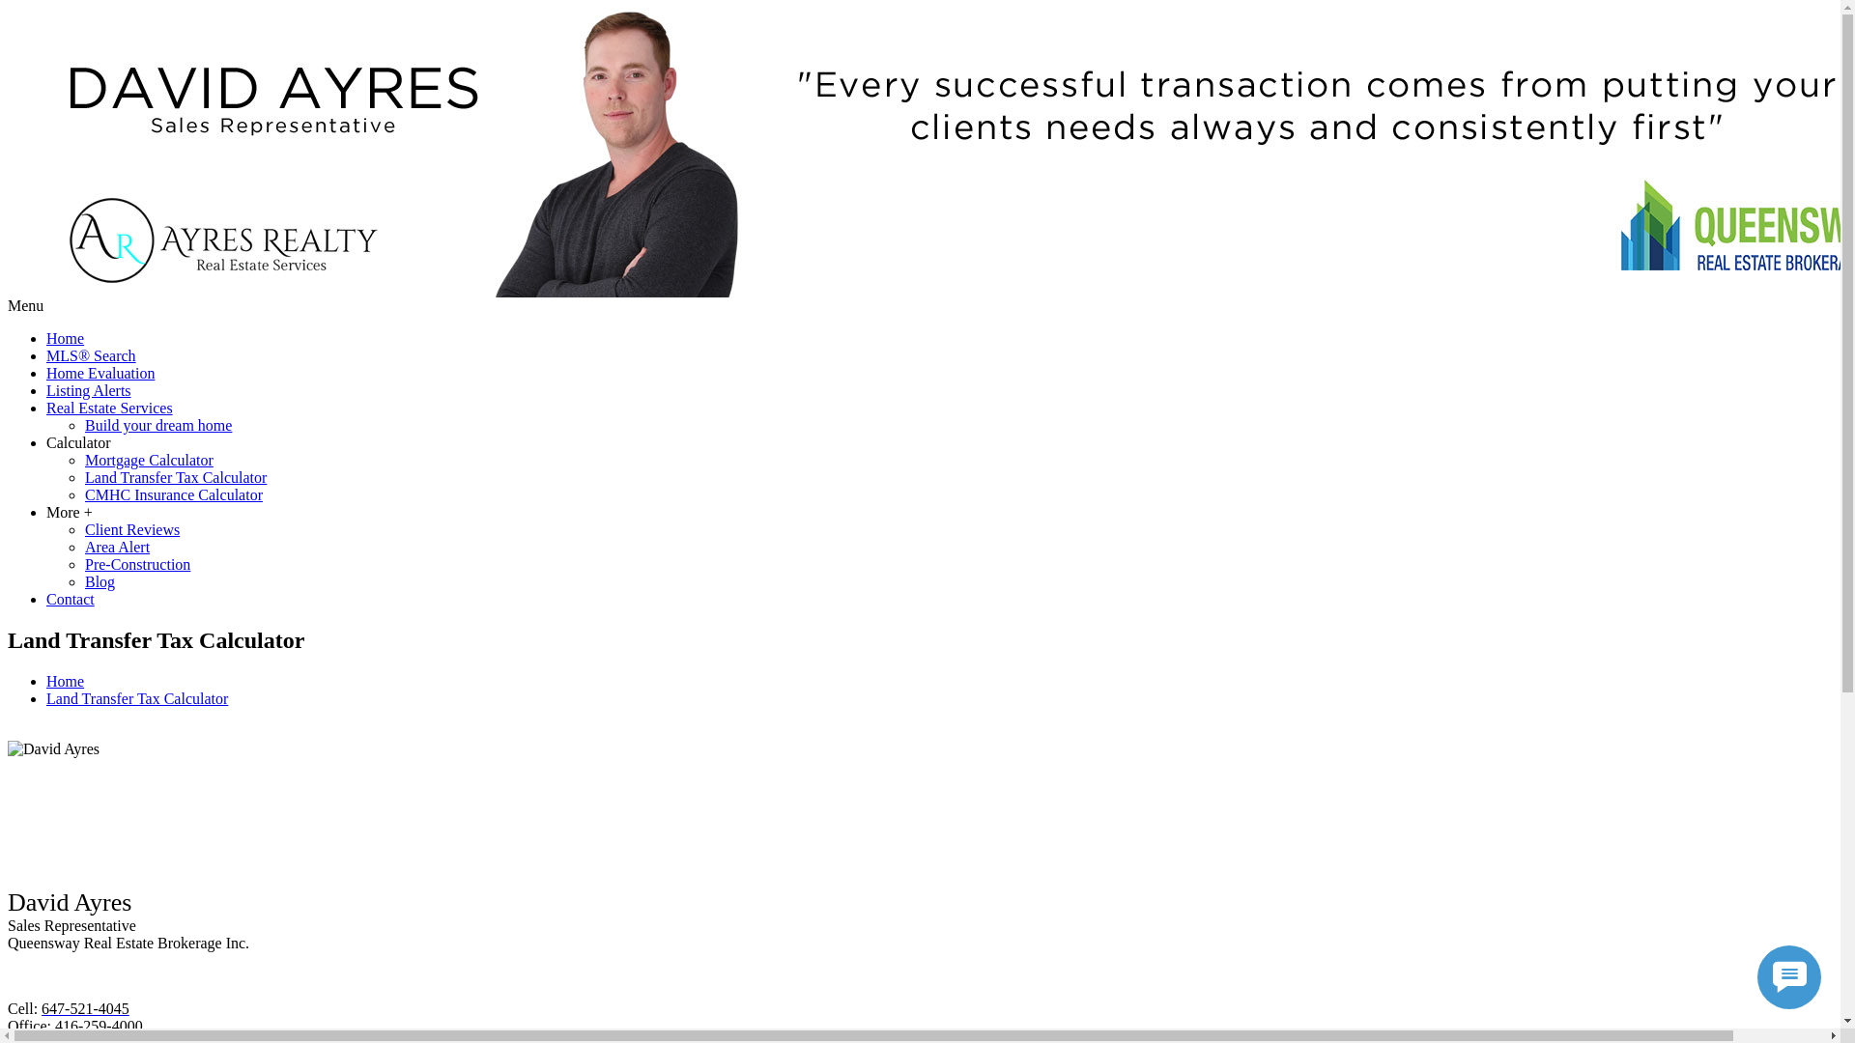  What do you see at coordinates (53, 747) in the screenshot?
I see `'David Ayres'` at bounding box center [53, 747].